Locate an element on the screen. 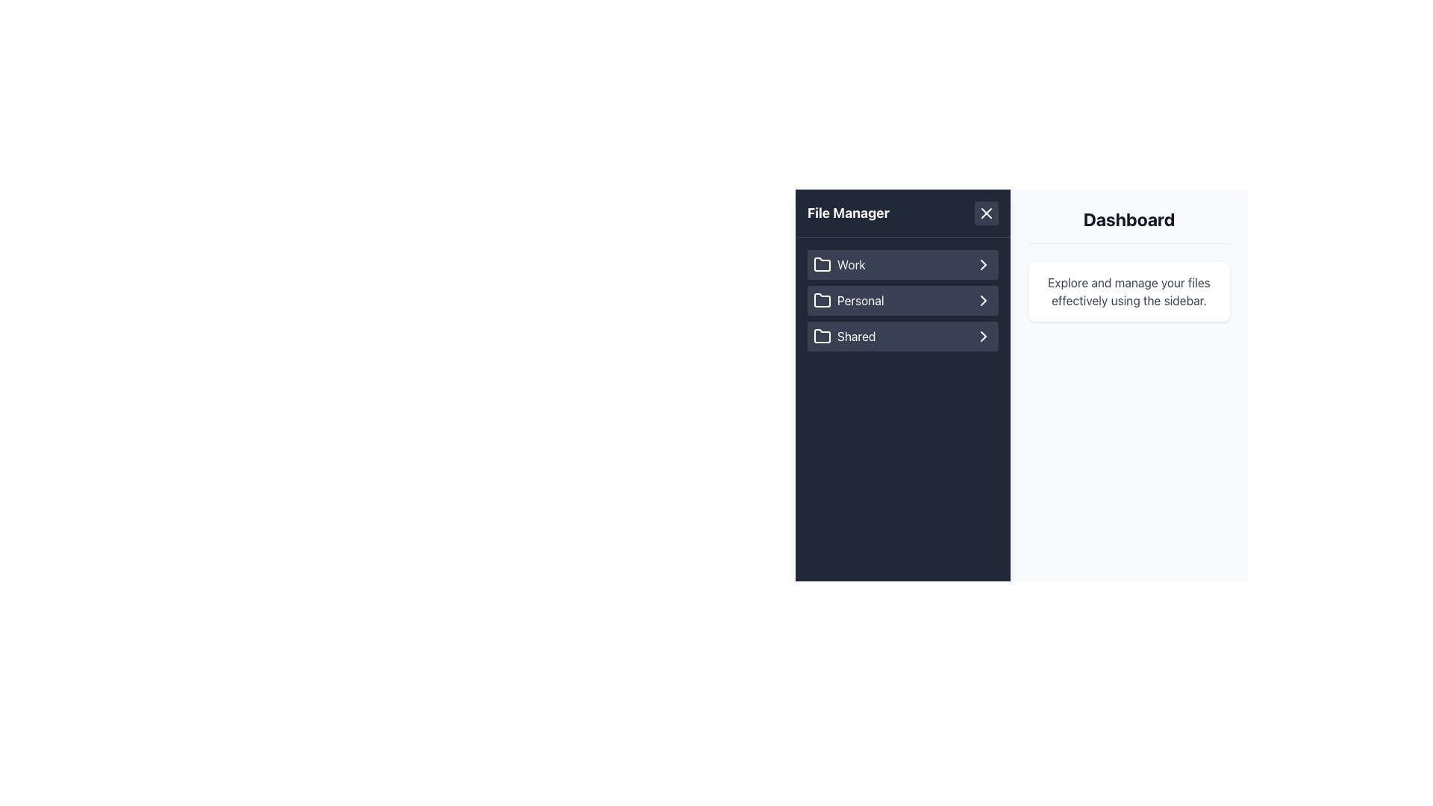  the chevron icon to the right of the 'Personal' folder label in the 'File Manager' sidebar is located at coordinates (984, 300).